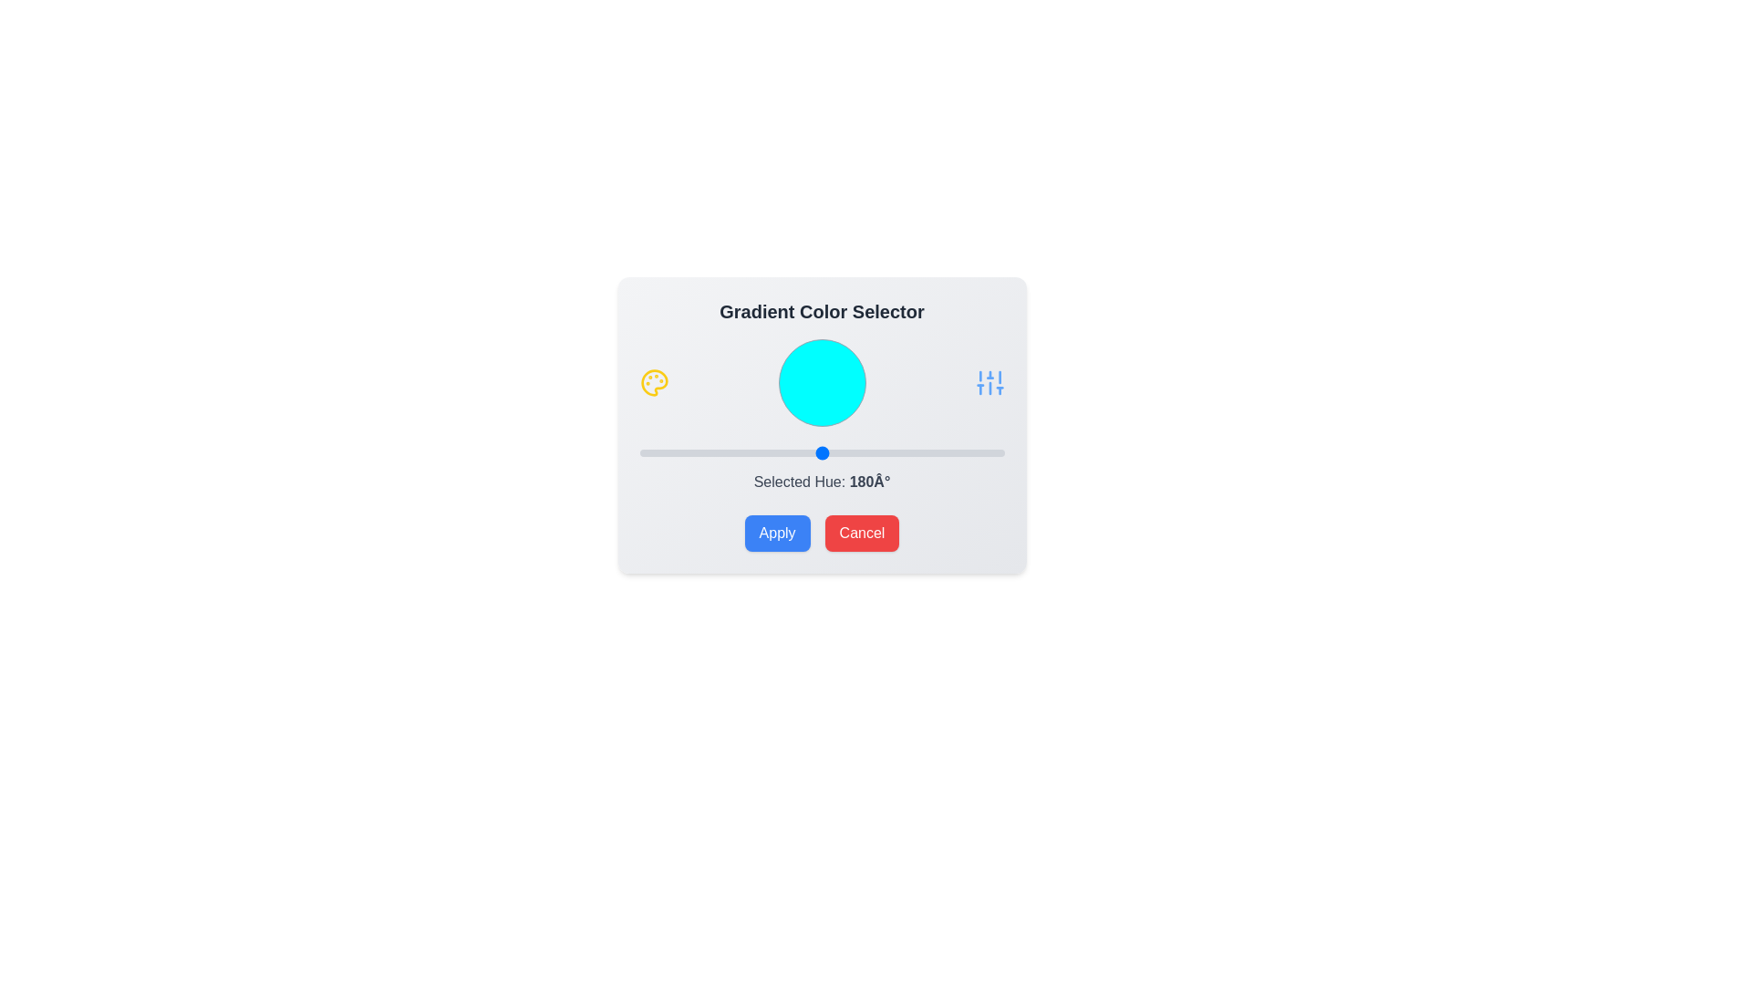 This screenshot has height=985, width=1751. I want to click on the slider to set the hue to 292 degrees, so click(935, 452).